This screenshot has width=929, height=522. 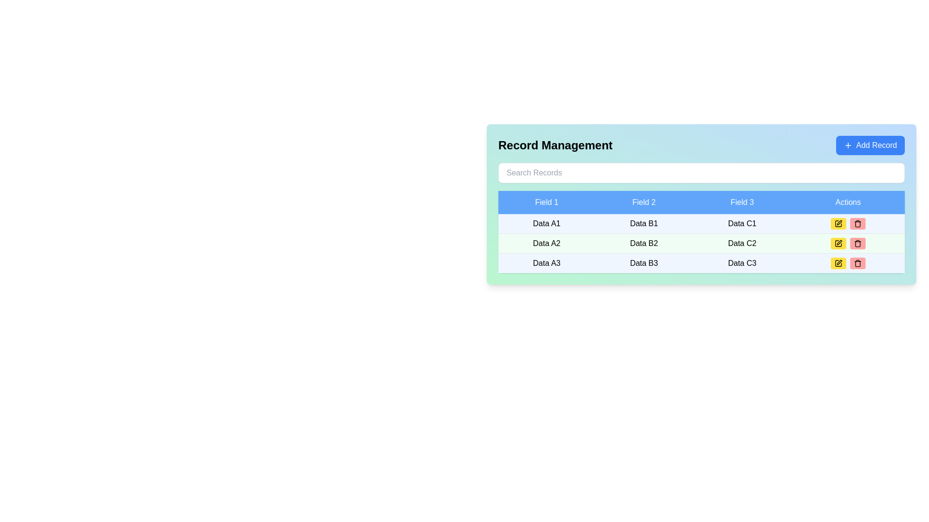 What do you see at coordinates (644, 202) in the screenshot?
I see `the Static Text Label reading 'Field 2', which is styled with a blue background and is part of the header row of a data table` at bounding box center [644, 202].